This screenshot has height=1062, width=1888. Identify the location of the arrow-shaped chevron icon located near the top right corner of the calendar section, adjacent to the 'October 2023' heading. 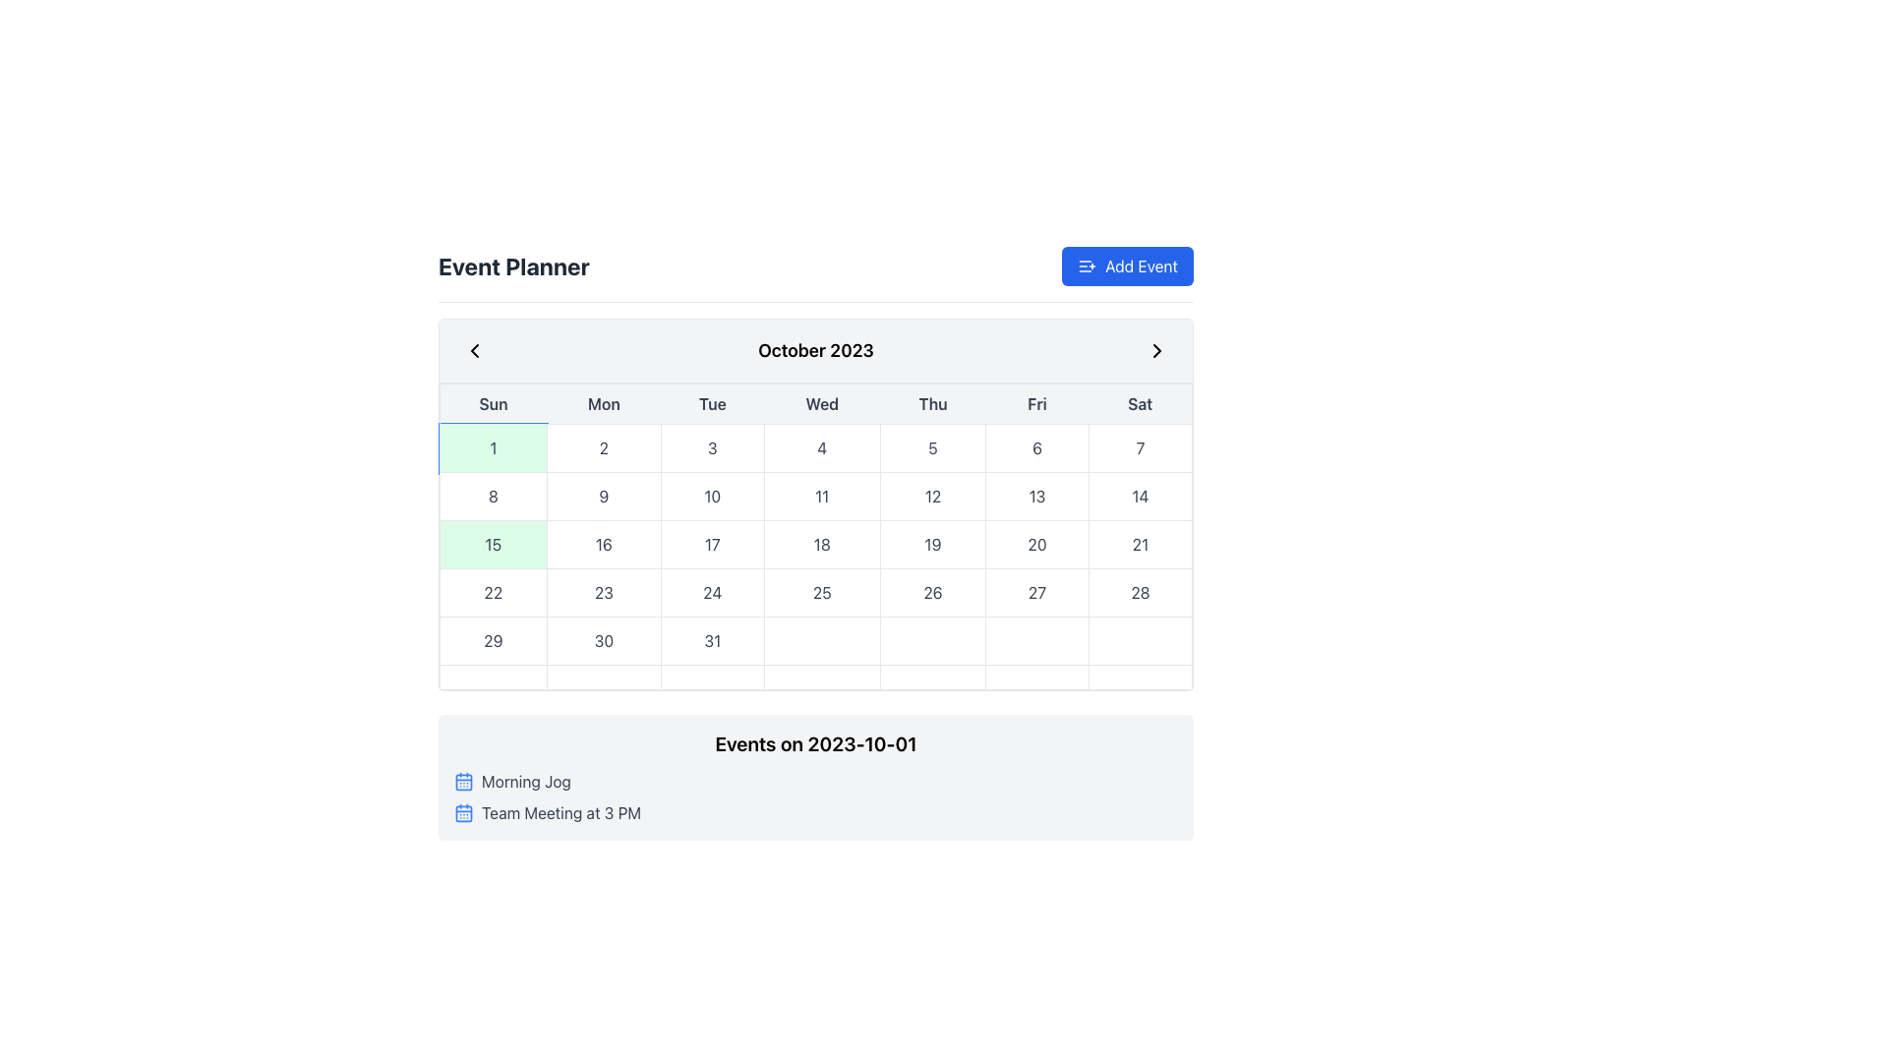
(1156, 350).